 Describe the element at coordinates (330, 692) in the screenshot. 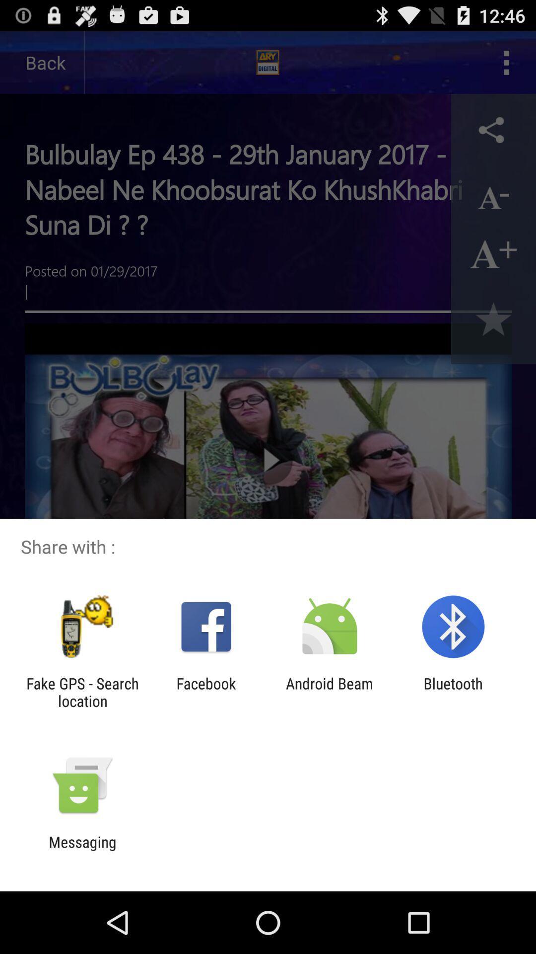

I see `the icon next to facebook item` at that location.